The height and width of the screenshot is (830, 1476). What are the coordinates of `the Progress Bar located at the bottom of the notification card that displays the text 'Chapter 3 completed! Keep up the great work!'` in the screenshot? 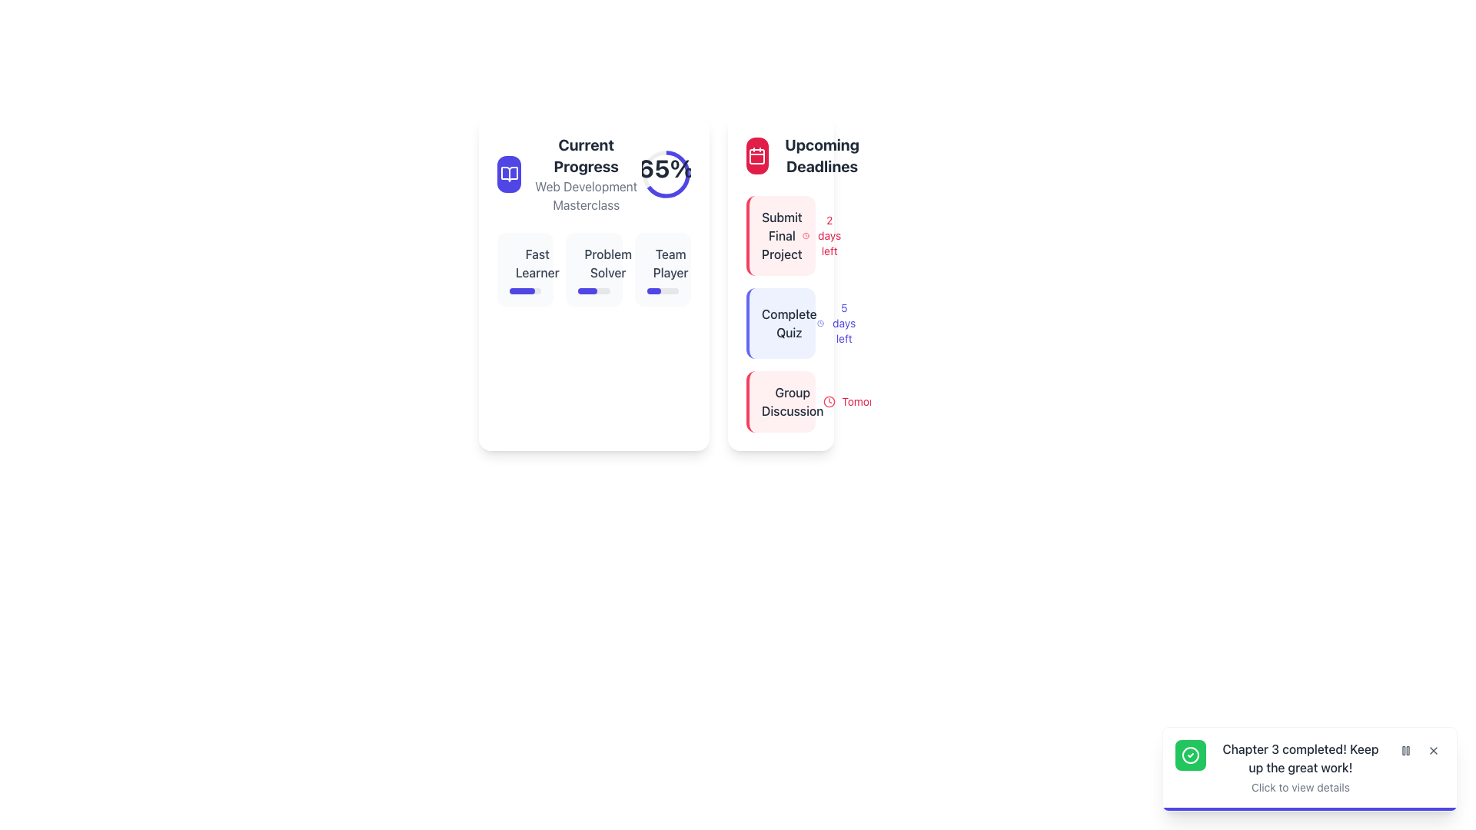 It's located at (1309, 808).